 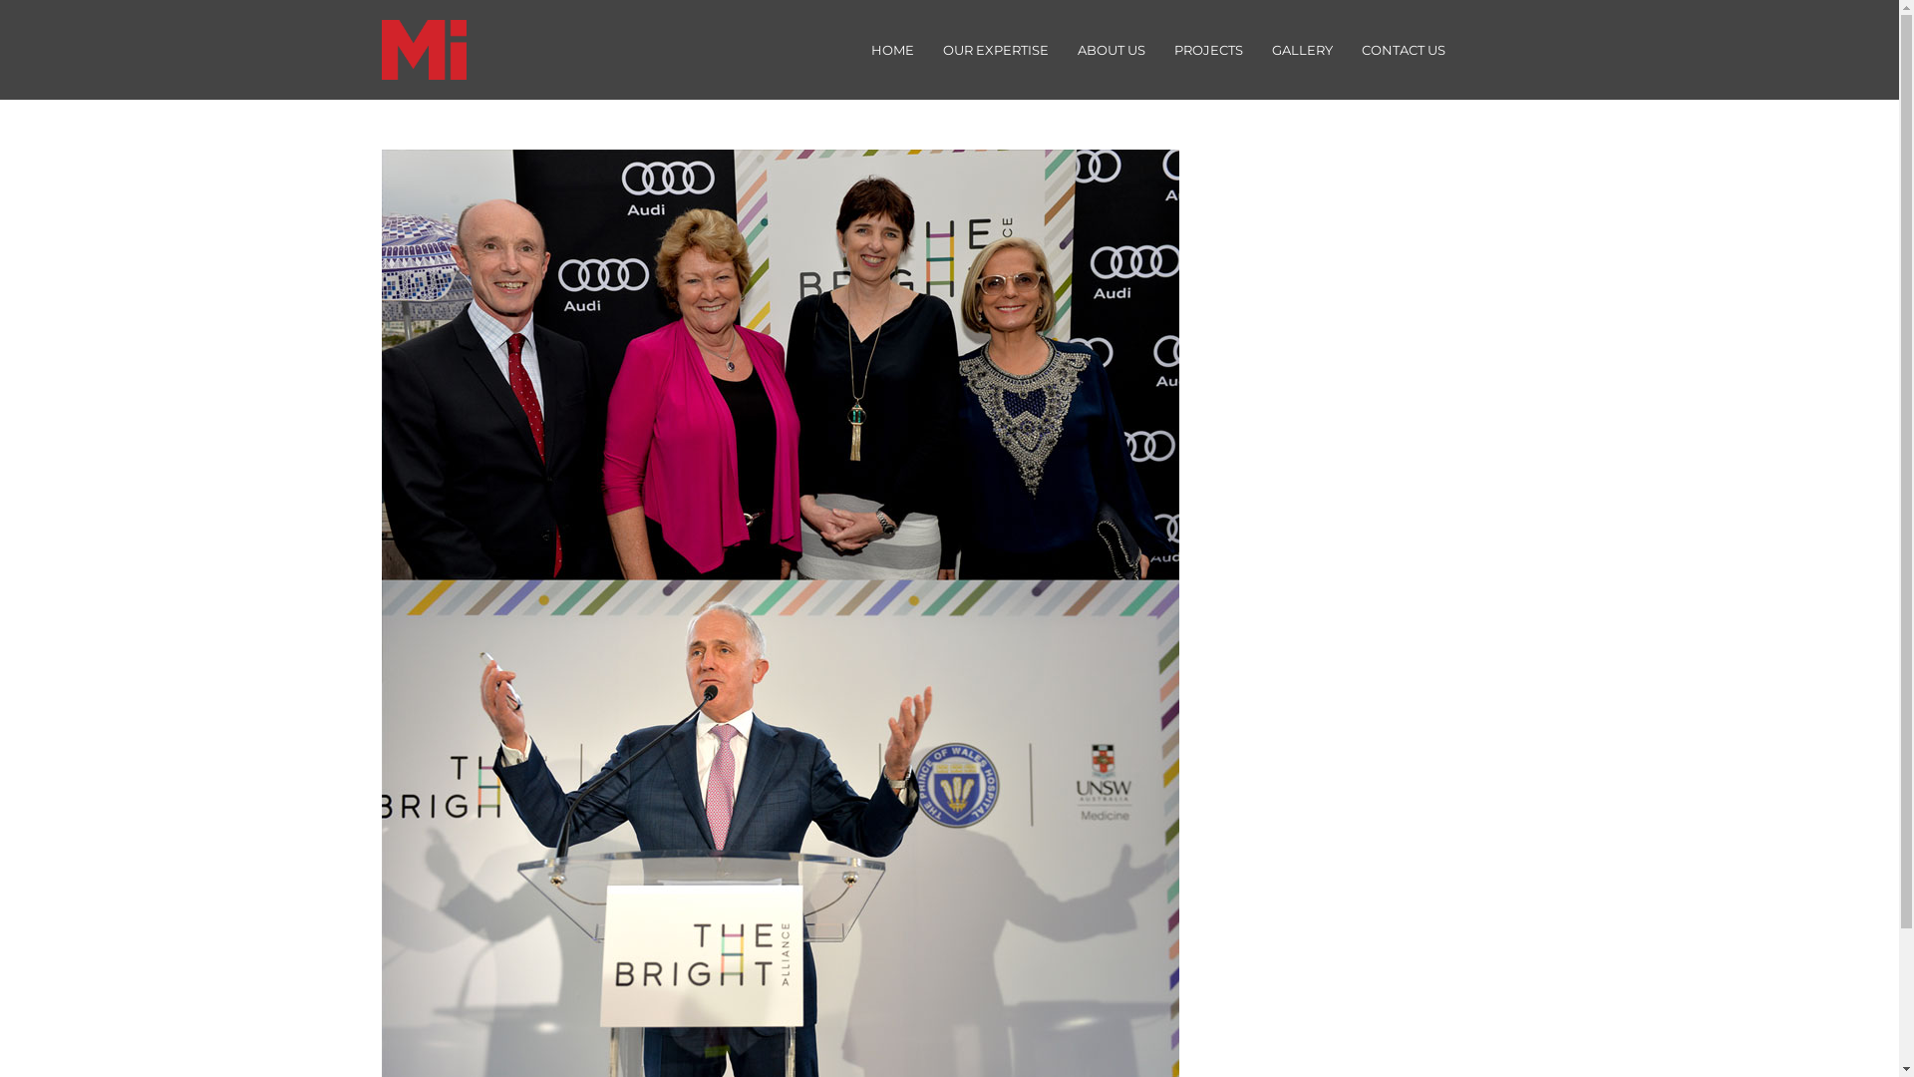 I want to click on 'HOME', so click(x=890, y=49).